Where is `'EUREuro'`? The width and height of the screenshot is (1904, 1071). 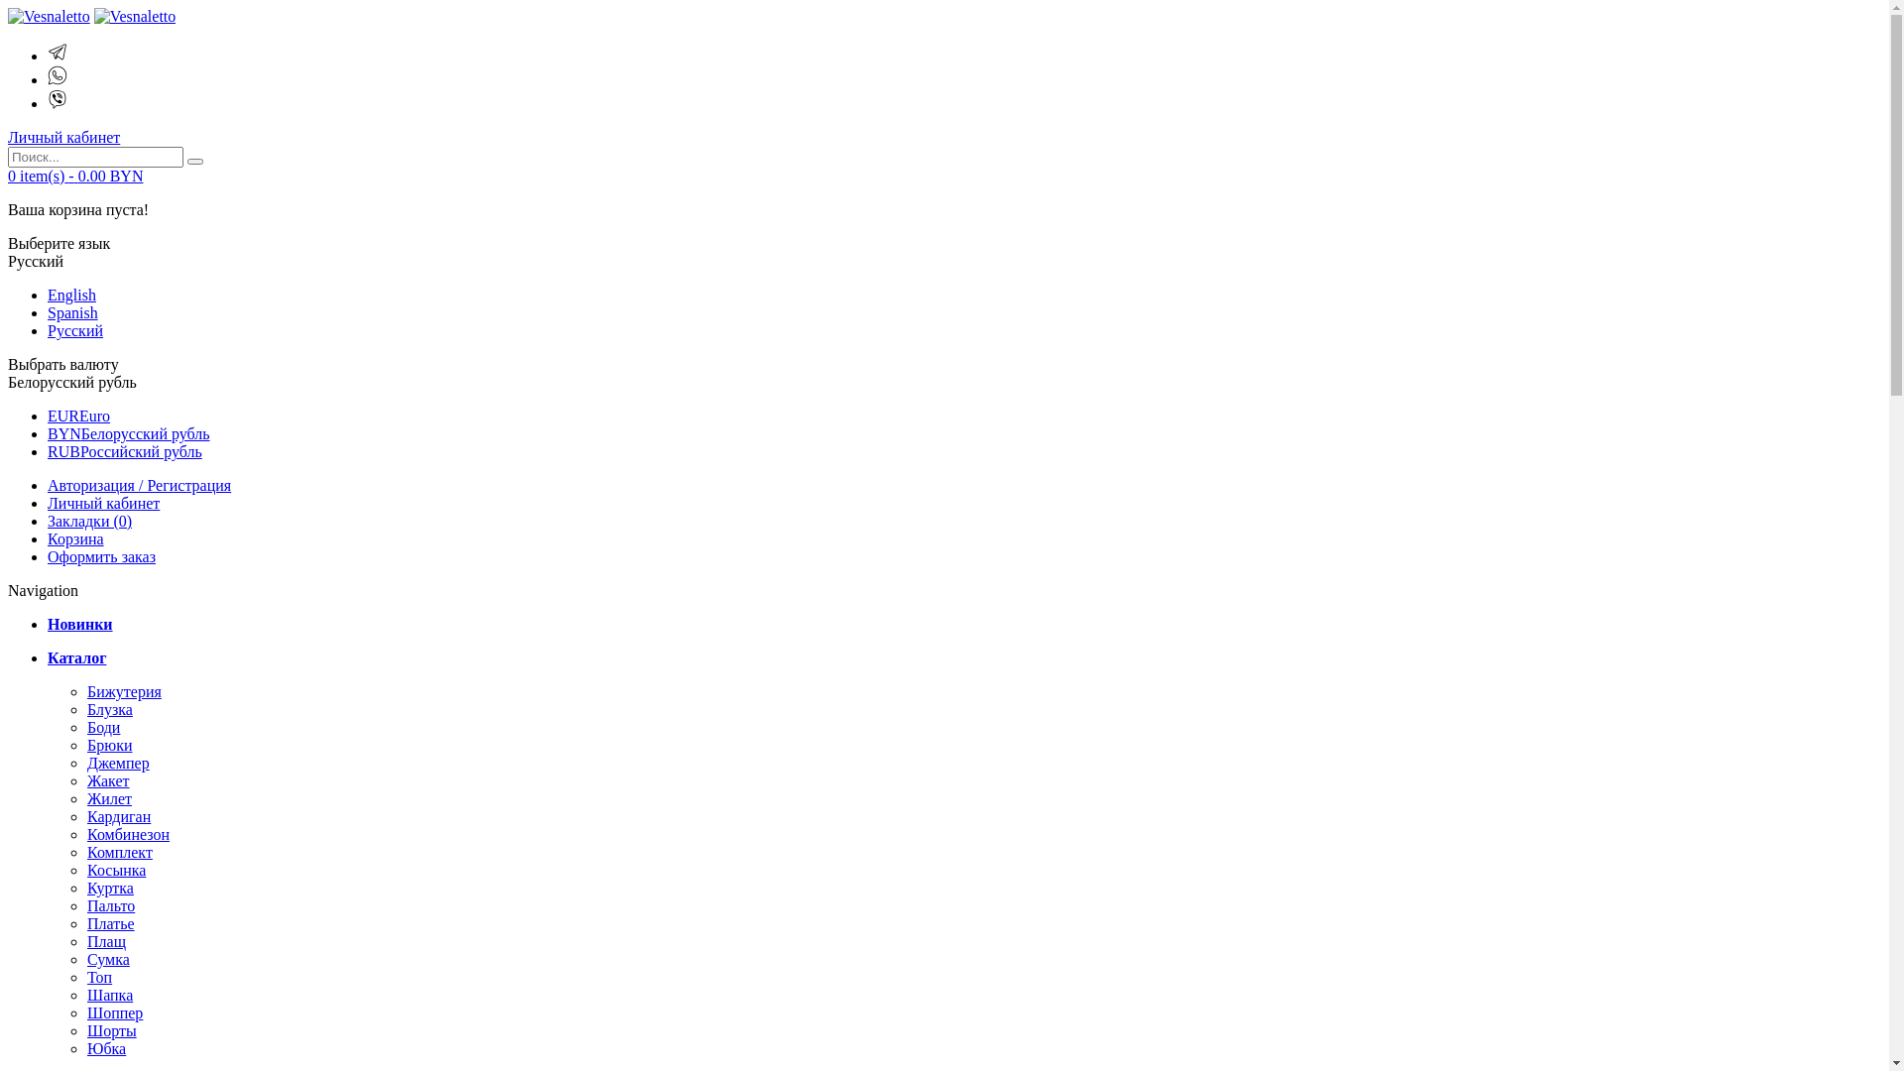 'EUREuro' is located at coordinates (48, 415).